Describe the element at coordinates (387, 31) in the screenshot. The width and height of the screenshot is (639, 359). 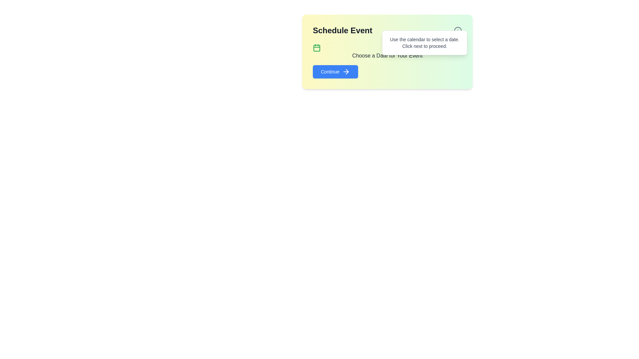
I see `the bold text label that says 'Schedule Event', which is located at the top left side of the pane` at that location.